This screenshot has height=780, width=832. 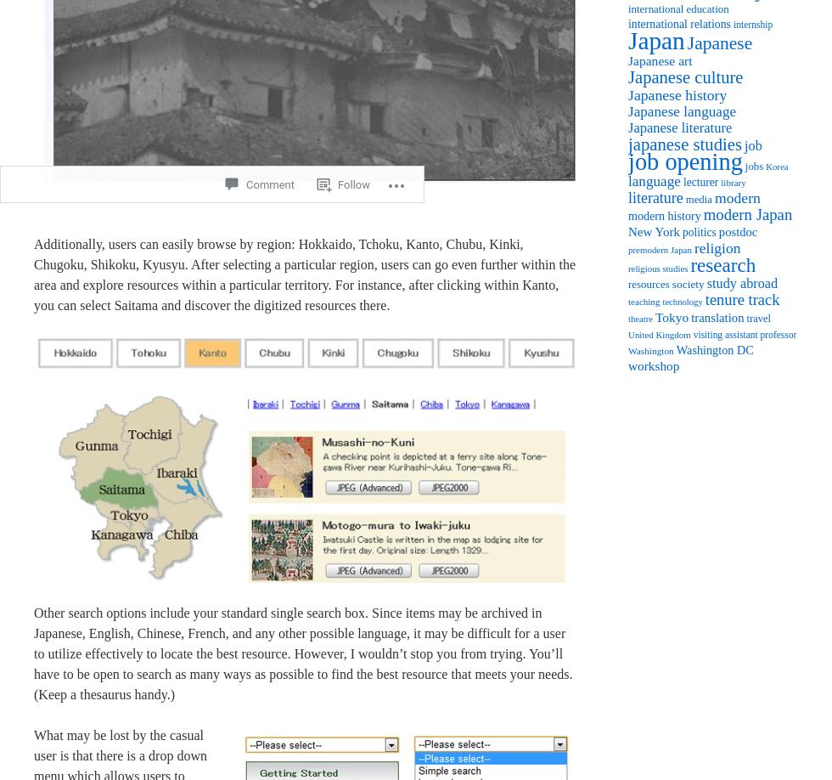 What do you see at coordinates (685, 76) in the screenshot?
I see `'Japanese culture'` at bounding box center [685, 76].